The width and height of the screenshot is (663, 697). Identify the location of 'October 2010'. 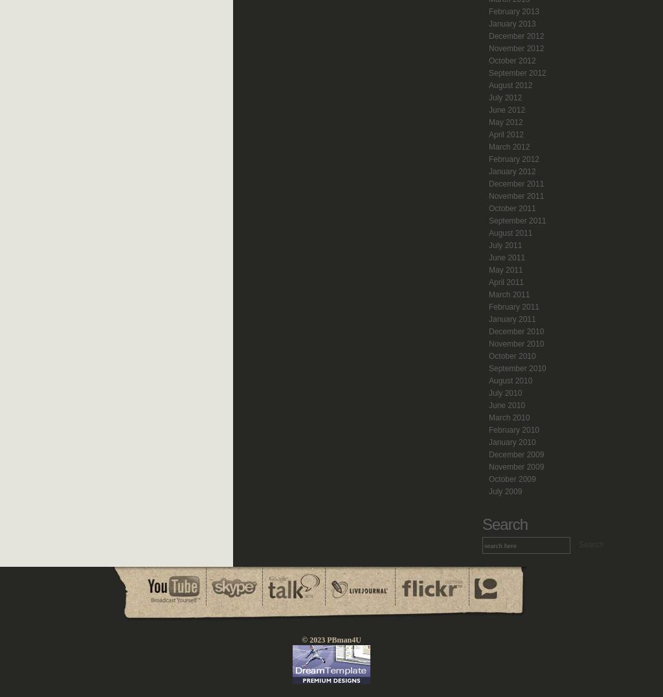
(512, 356).